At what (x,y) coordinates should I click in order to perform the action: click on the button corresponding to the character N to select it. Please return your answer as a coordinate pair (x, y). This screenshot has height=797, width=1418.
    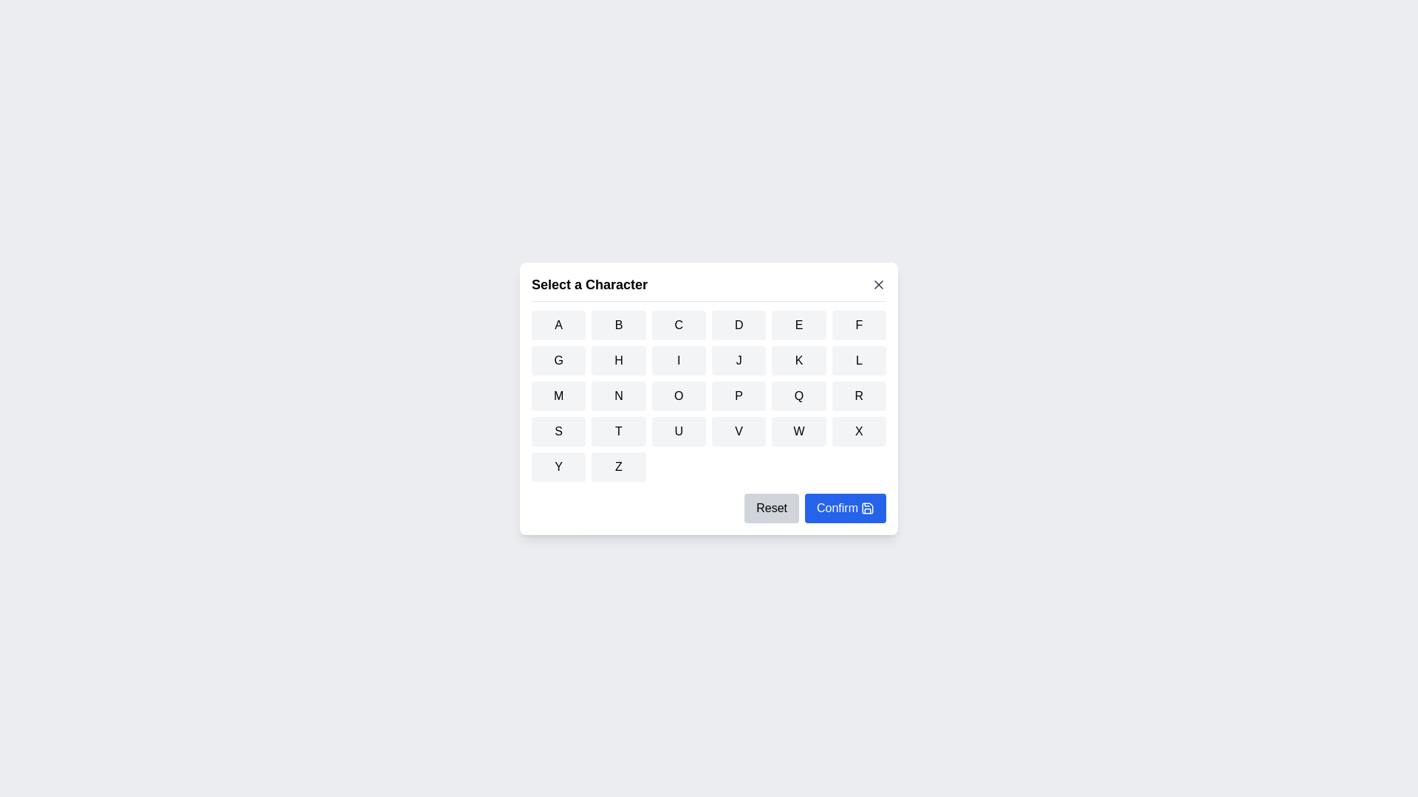
    Looking at the image, I should click on (619, 395).